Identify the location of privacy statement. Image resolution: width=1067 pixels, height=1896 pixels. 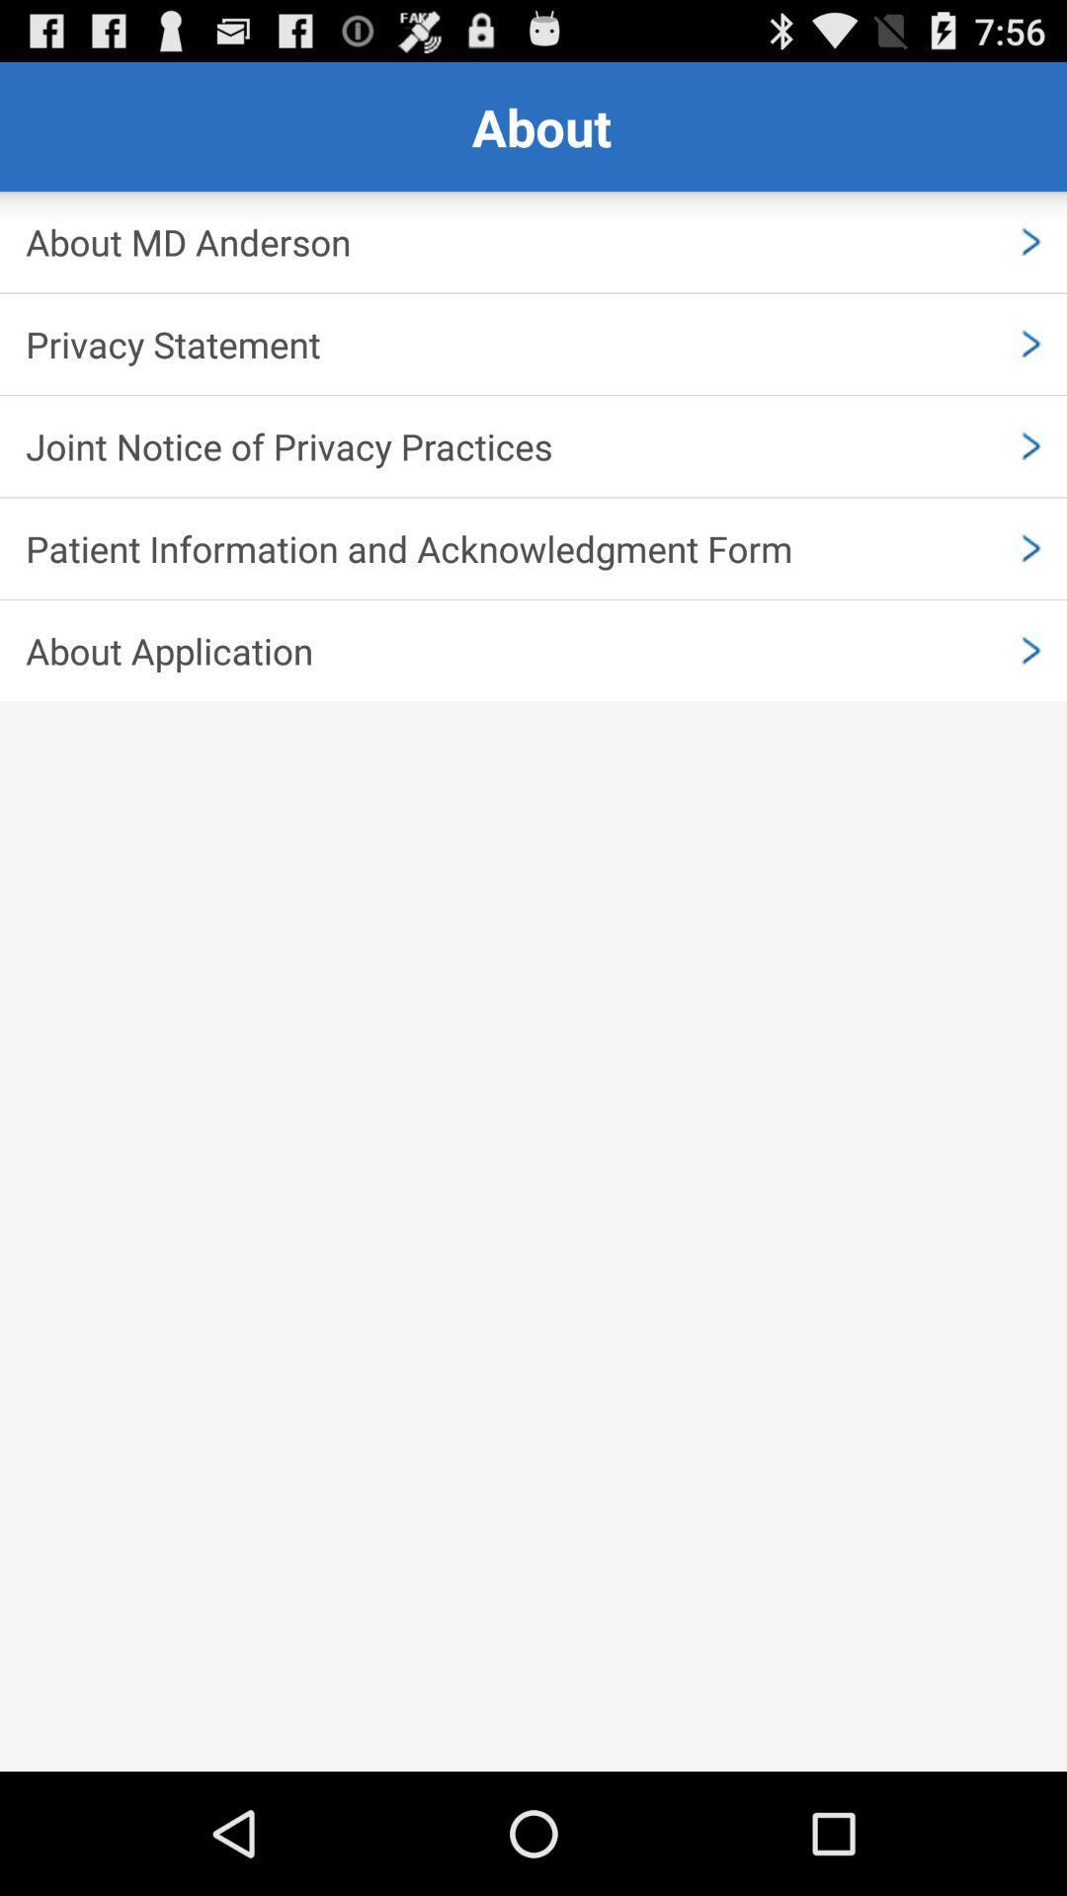
(533, 344).